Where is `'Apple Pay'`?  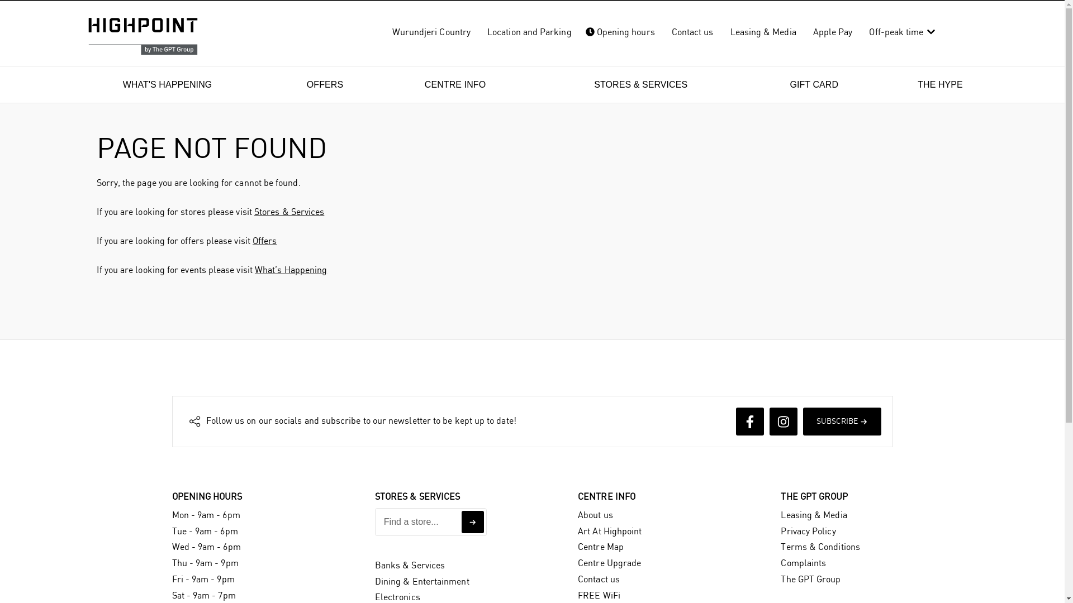
'Apple Pay' is located at coordinates (833, 32).